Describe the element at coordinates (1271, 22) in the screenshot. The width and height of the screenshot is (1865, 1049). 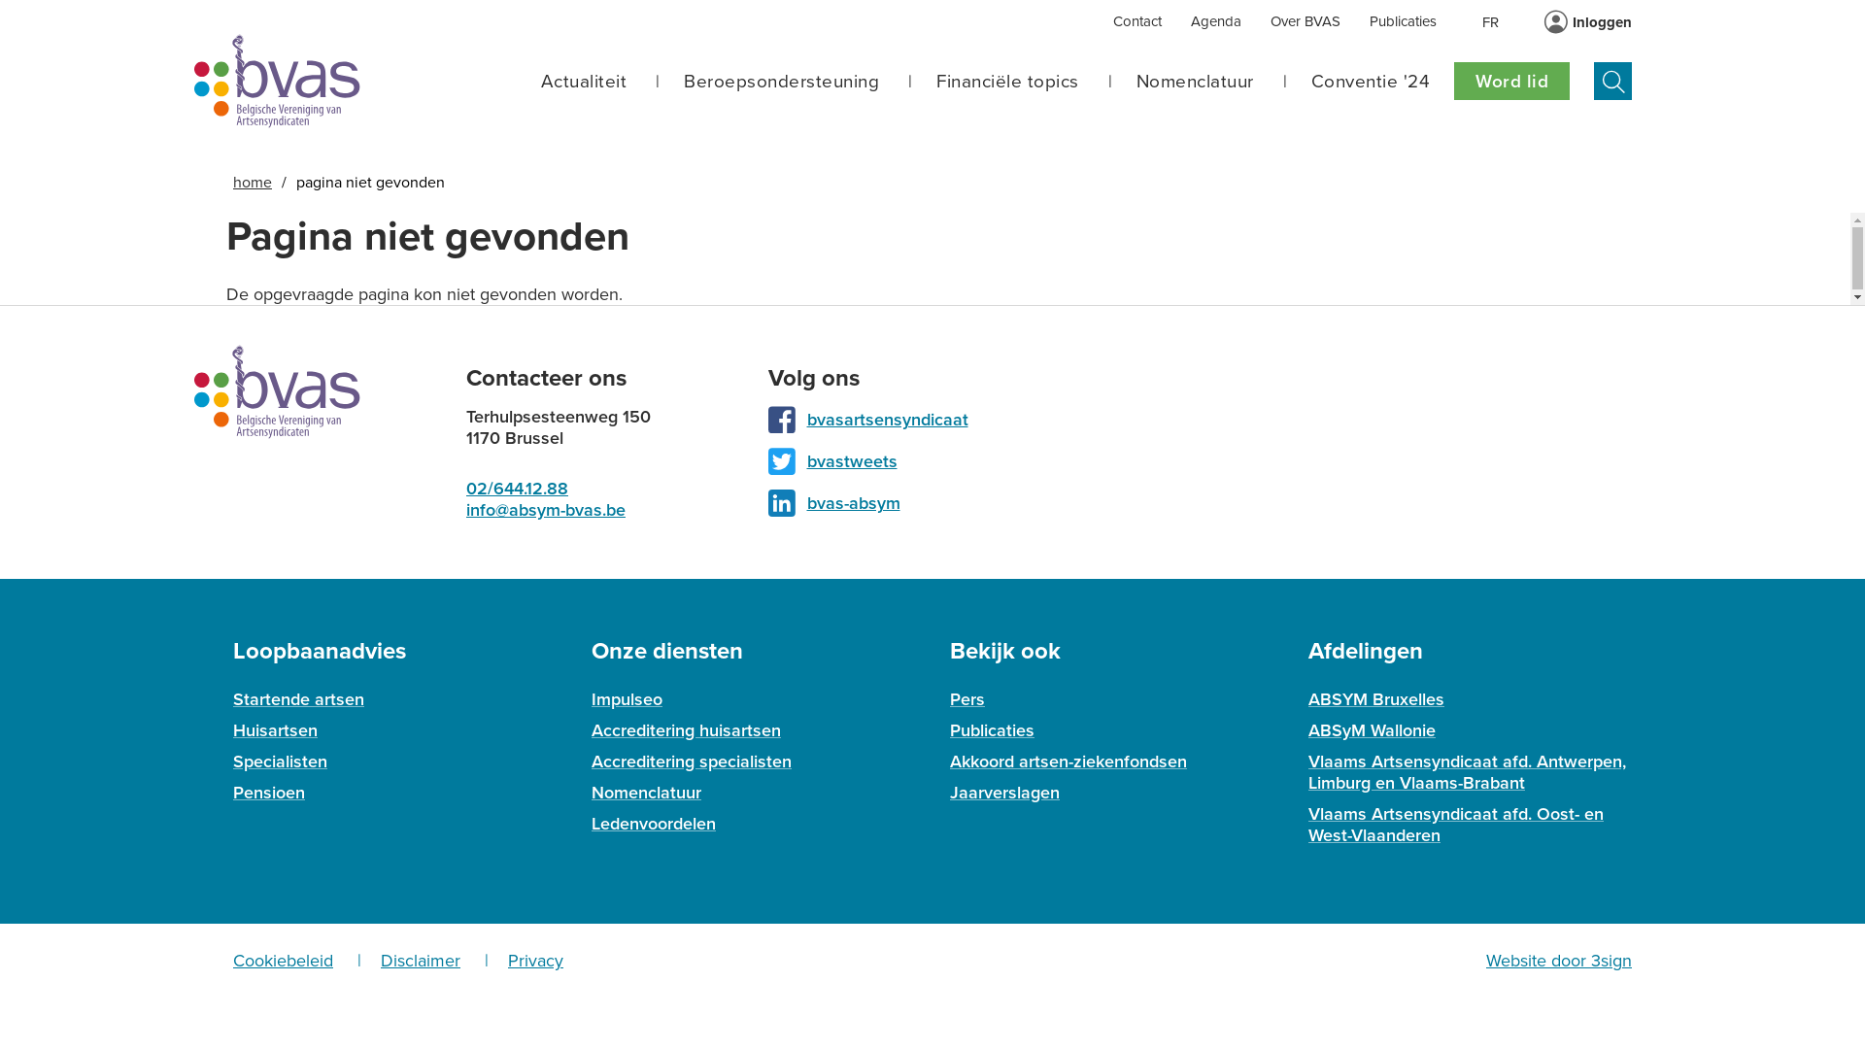
I see `'Over BVAS'` at that location.